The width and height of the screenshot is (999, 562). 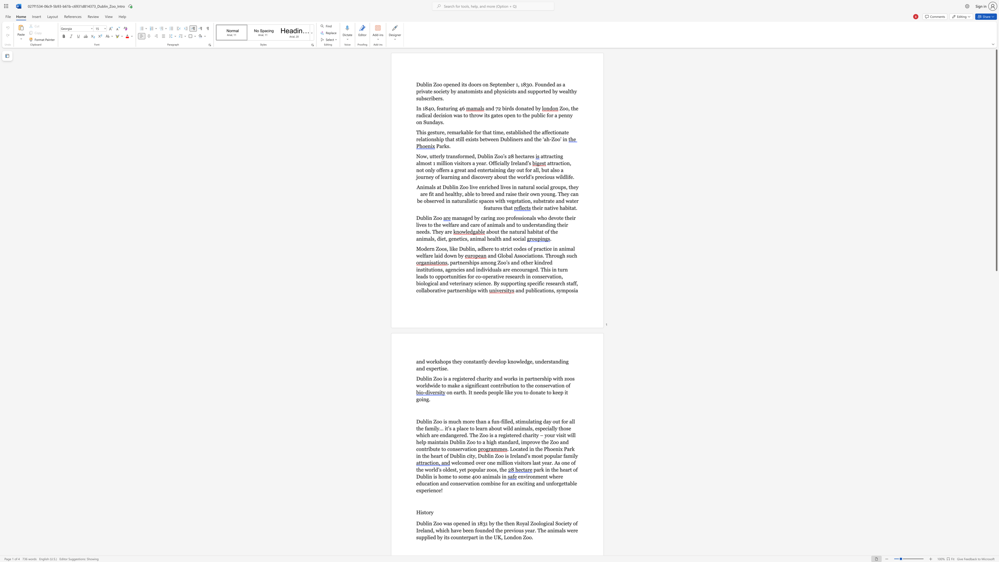 What do you see at coordinates (520, 530) in the screenshot?
I see `the 3th character "u" in the text` at bounding box center [520, 530].